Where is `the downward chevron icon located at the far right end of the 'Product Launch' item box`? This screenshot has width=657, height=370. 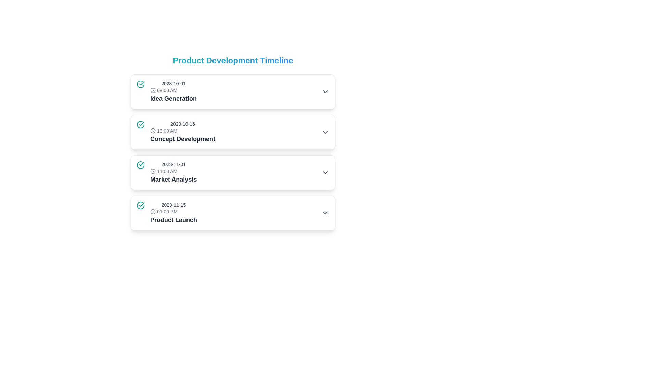
the downward chevron icon located at the far right end of the 'Product Launch' item box is located at coordinates (325, 212).